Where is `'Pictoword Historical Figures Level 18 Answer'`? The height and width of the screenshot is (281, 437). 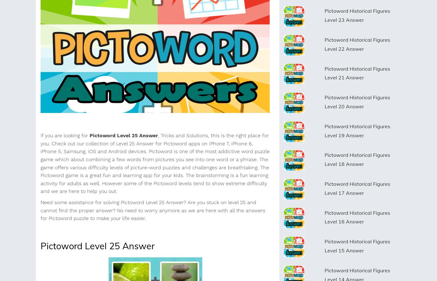
'Pictoword Historical Figures Level 18 Answer' is located at coordinates (324, 159).